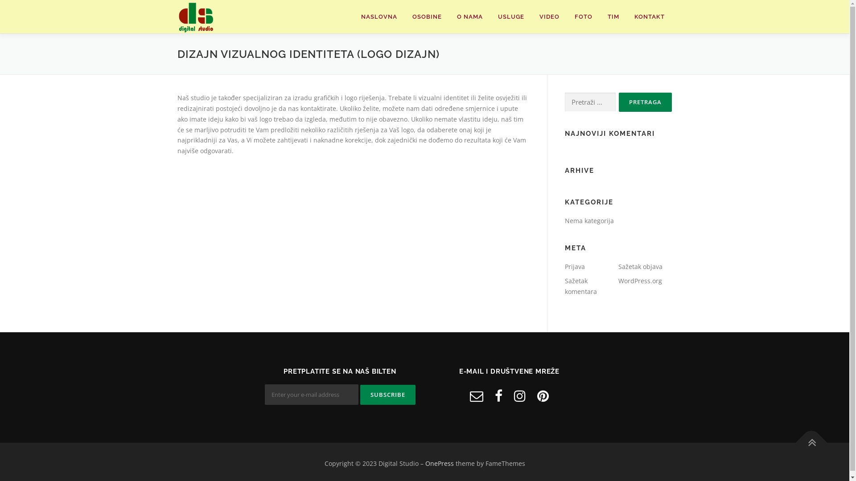 The height and width of the screenshot is (481, 856). What do you see at coordinates (613, 16) in the screenshot?
I see `'TIM'` at bounding box center [613, 16].